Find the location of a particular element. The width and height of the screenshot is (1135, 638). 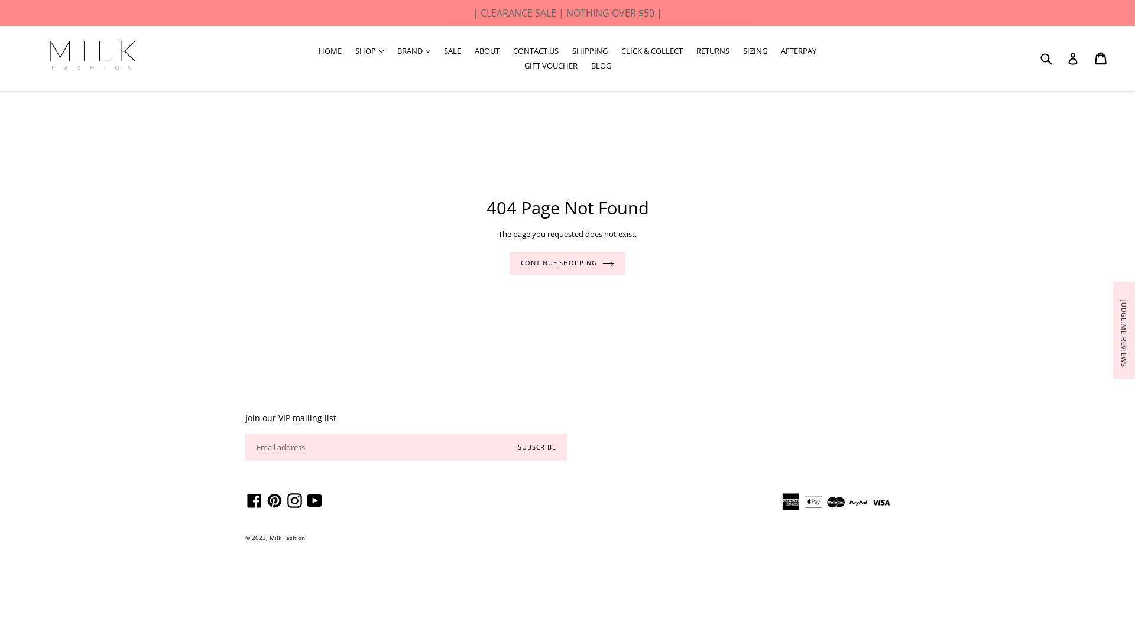

'Facebook' is located at coordinates (254, 500).